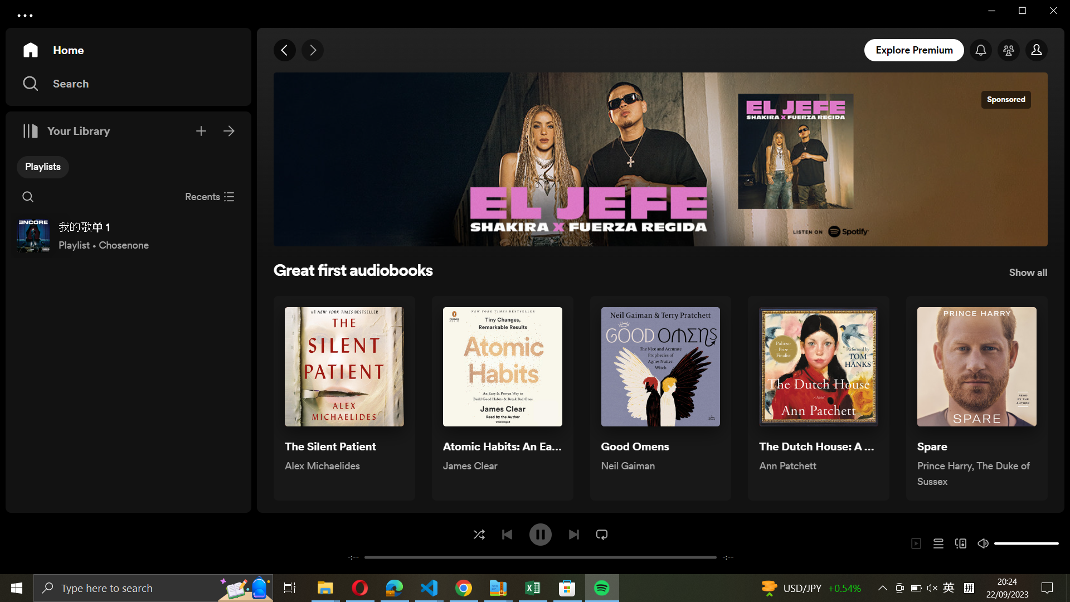 This screenshot has width=1070, height=602. Describe the element at coordinates (229, 129) in the screenshot. I see `my library section` at that location.